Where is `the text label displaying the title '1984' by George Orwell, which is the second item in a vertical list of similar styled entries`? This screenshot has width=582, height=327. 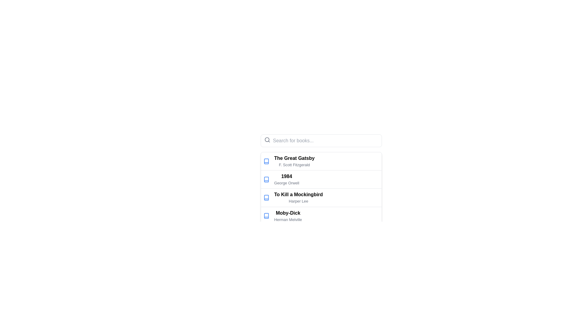
the text label displaying the title '1984' by George Orwell, which is the second item in a vertical list of similar styled entries is located at coordinates (286, 179).